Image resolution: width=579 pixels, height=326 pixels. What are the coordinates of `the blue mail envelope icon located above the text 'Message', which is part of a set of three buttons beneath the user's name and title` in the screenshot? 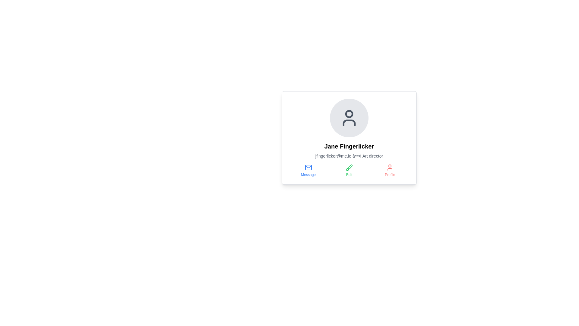 It's located at (308, 168).